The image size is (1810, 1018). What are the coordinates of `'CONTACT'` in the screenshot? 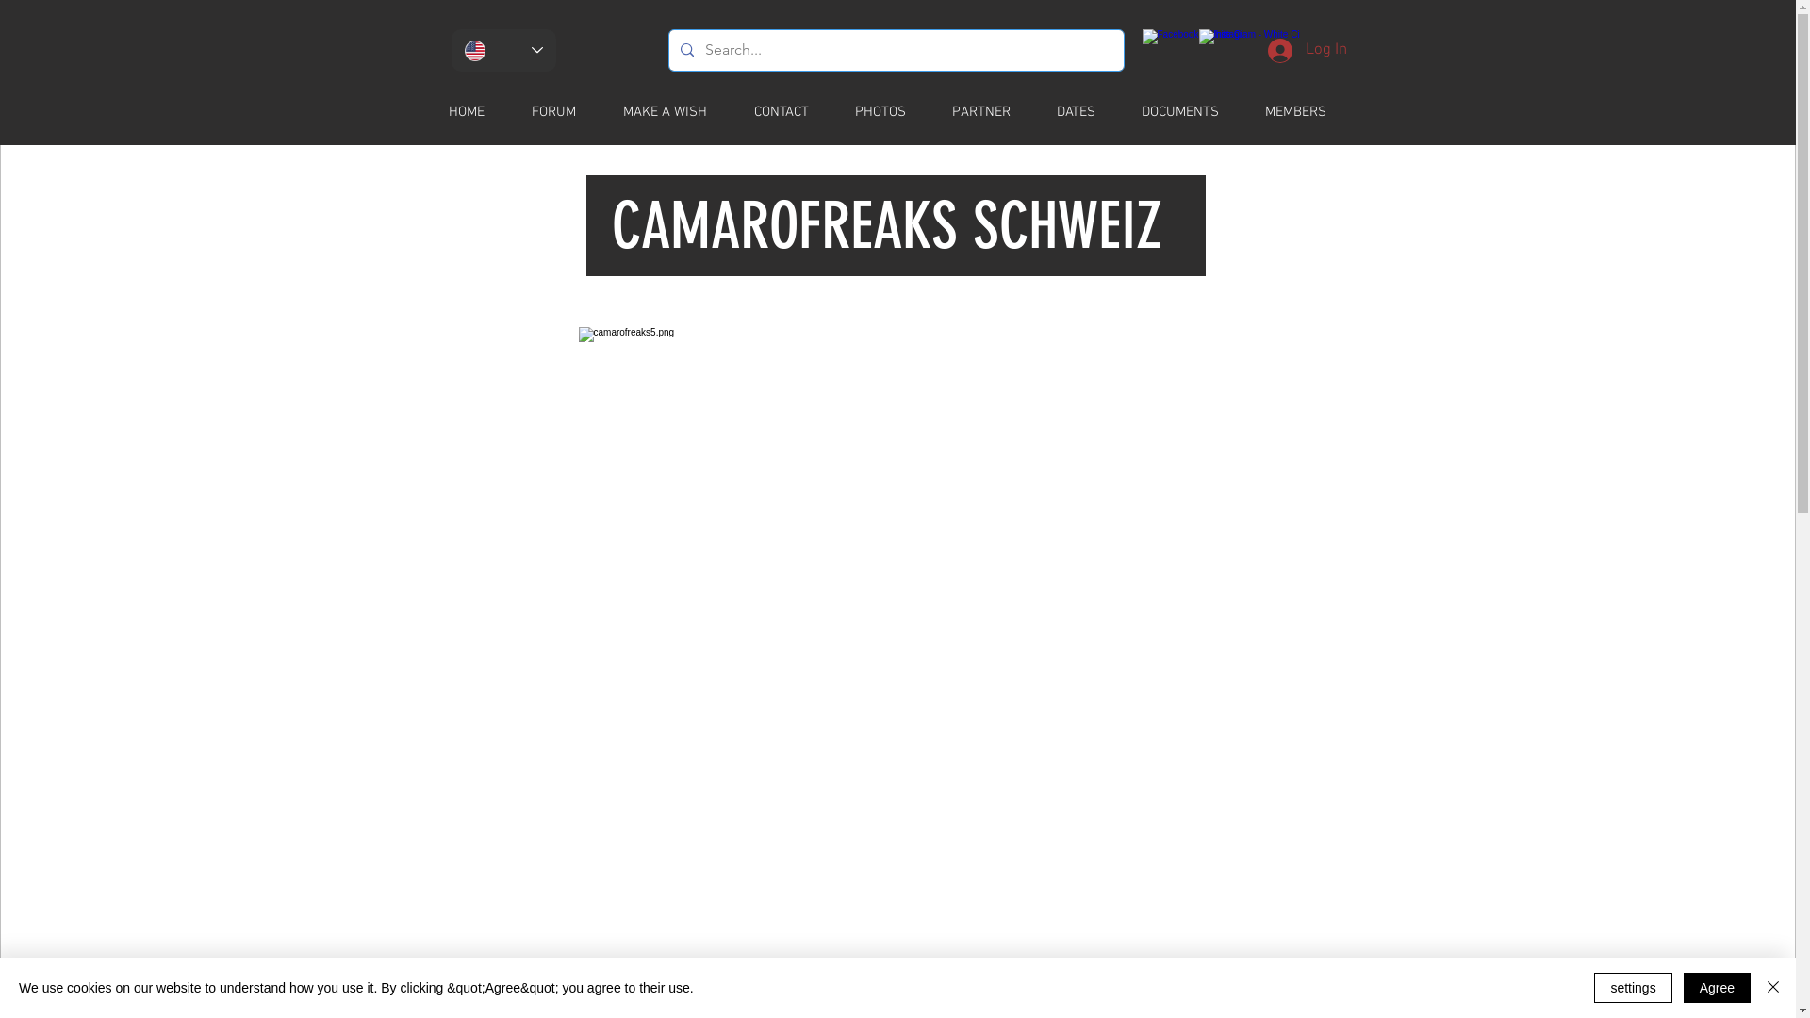 It's located at (791, 112).